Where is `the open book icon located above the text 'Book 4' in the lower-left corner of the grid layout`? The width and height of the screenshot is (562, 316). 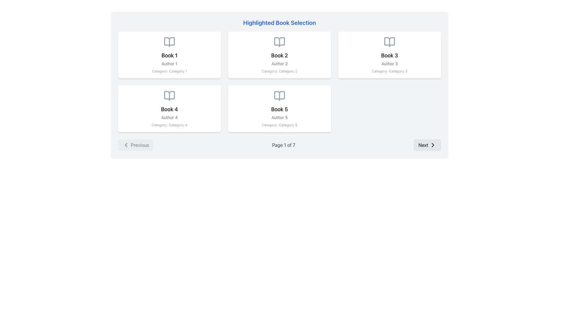 the open book icon located above the text 'Book 4' in the lower-left corner of the grid layout is located at coordinates (169, 95).